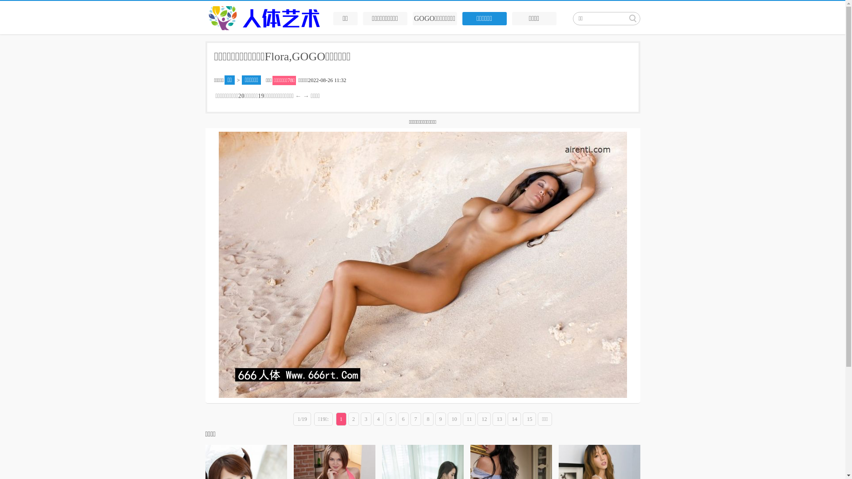  I want to click on '5', so click(390, 419).